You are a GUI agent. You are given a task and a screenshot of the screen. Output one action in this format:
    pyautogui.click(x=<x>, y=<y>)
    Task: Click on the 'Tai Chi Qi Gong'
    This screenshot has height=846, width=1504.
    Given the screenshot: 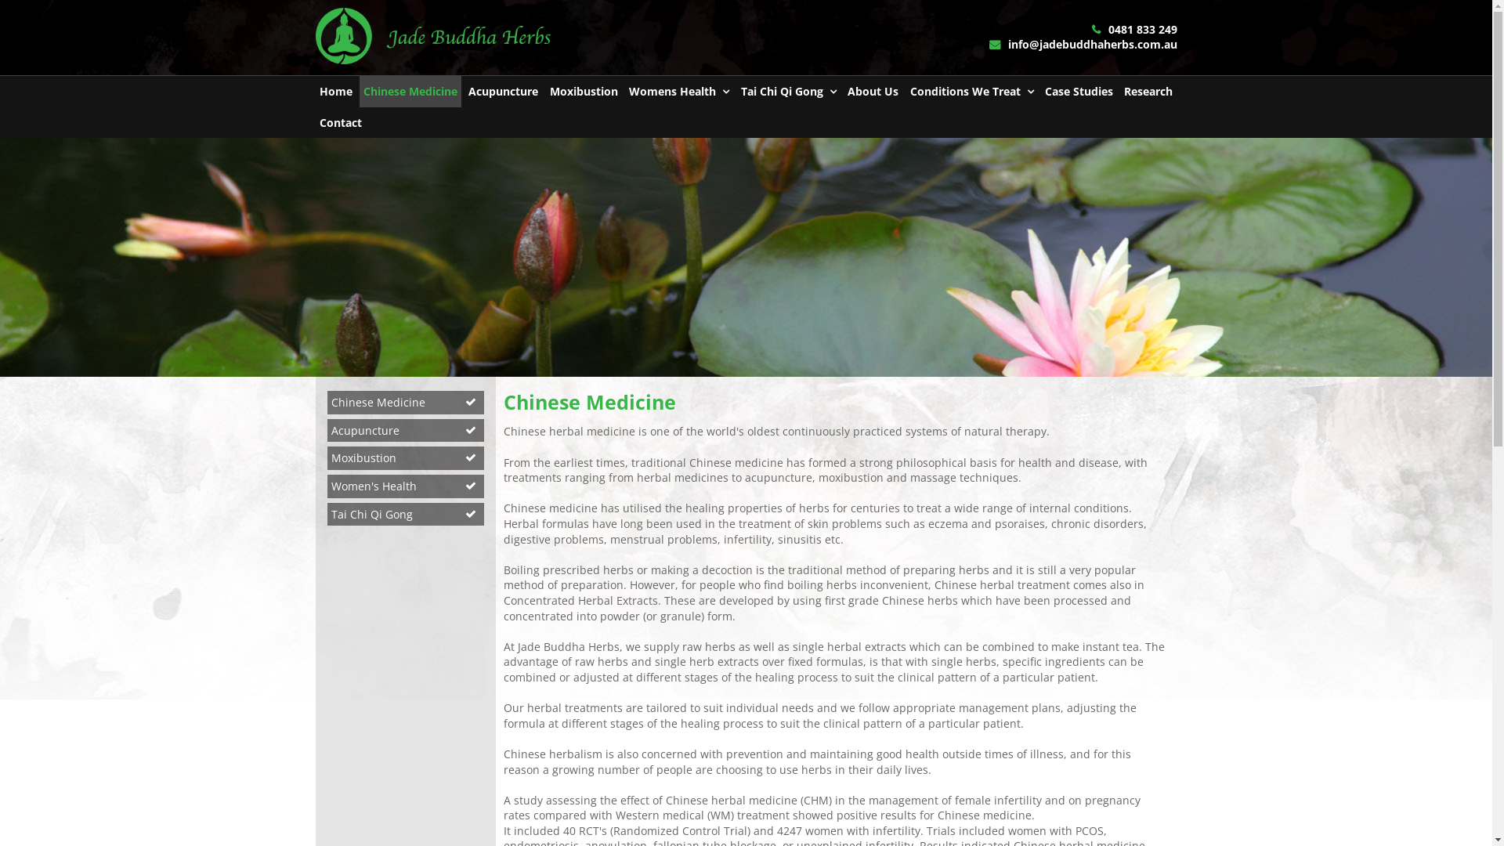 What is the action you would take?
    pyautogui.click(x=789, y=91)
    